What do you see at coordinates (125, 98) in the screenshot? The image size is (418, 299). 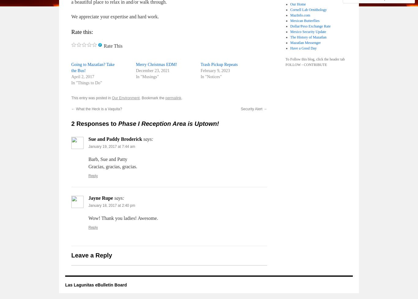 I see `'Our Environment'` at bounding box center [125, 98].